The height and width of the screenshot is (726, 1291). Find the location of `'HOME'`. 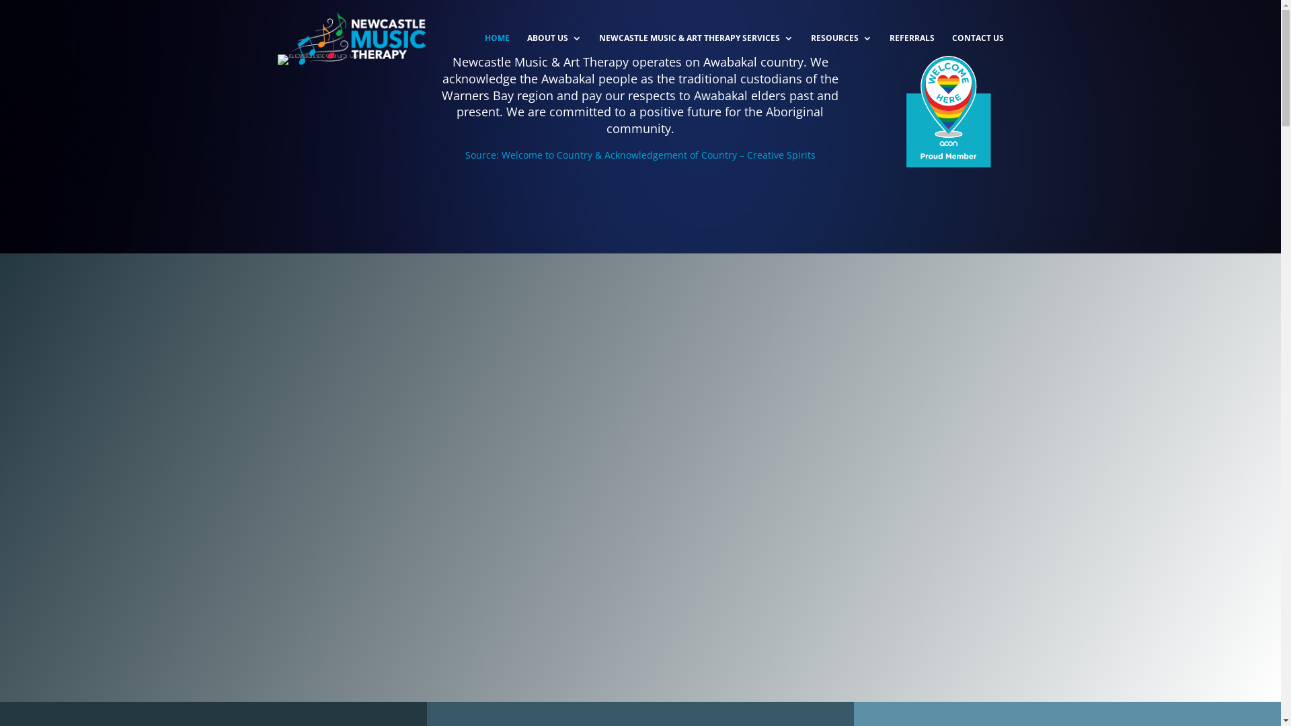

'HOME' is located at coordinates (496, 54).